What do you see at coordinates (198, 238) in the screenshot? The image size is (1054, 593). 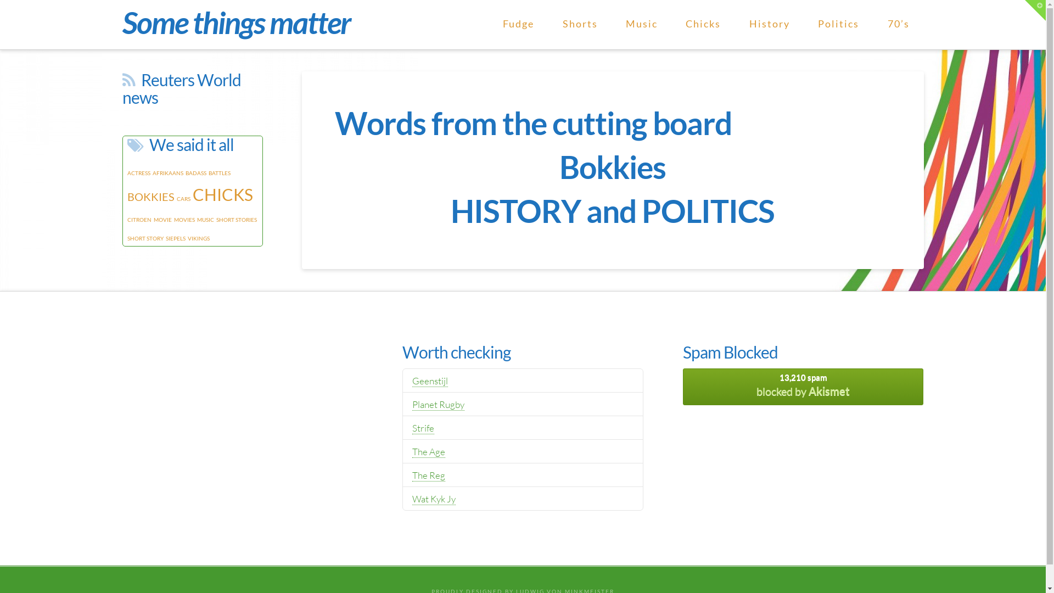 I see `'VIKINGS'` at bounding box center [198, 238].